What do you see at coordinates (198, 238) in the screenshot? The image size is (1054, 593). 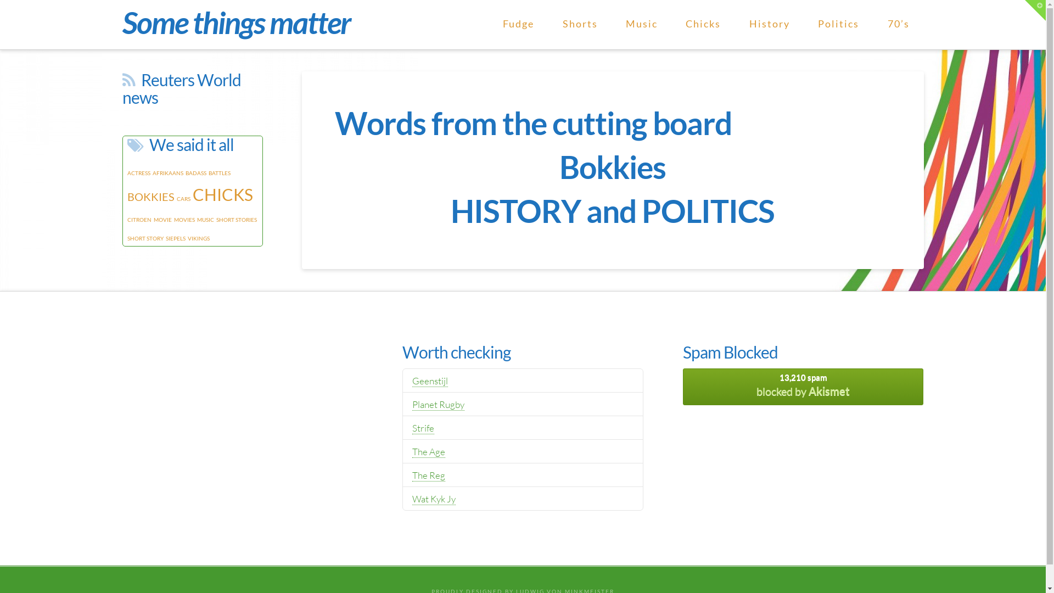 I see `'VIKINGS'` at bounding box center [198, 238].